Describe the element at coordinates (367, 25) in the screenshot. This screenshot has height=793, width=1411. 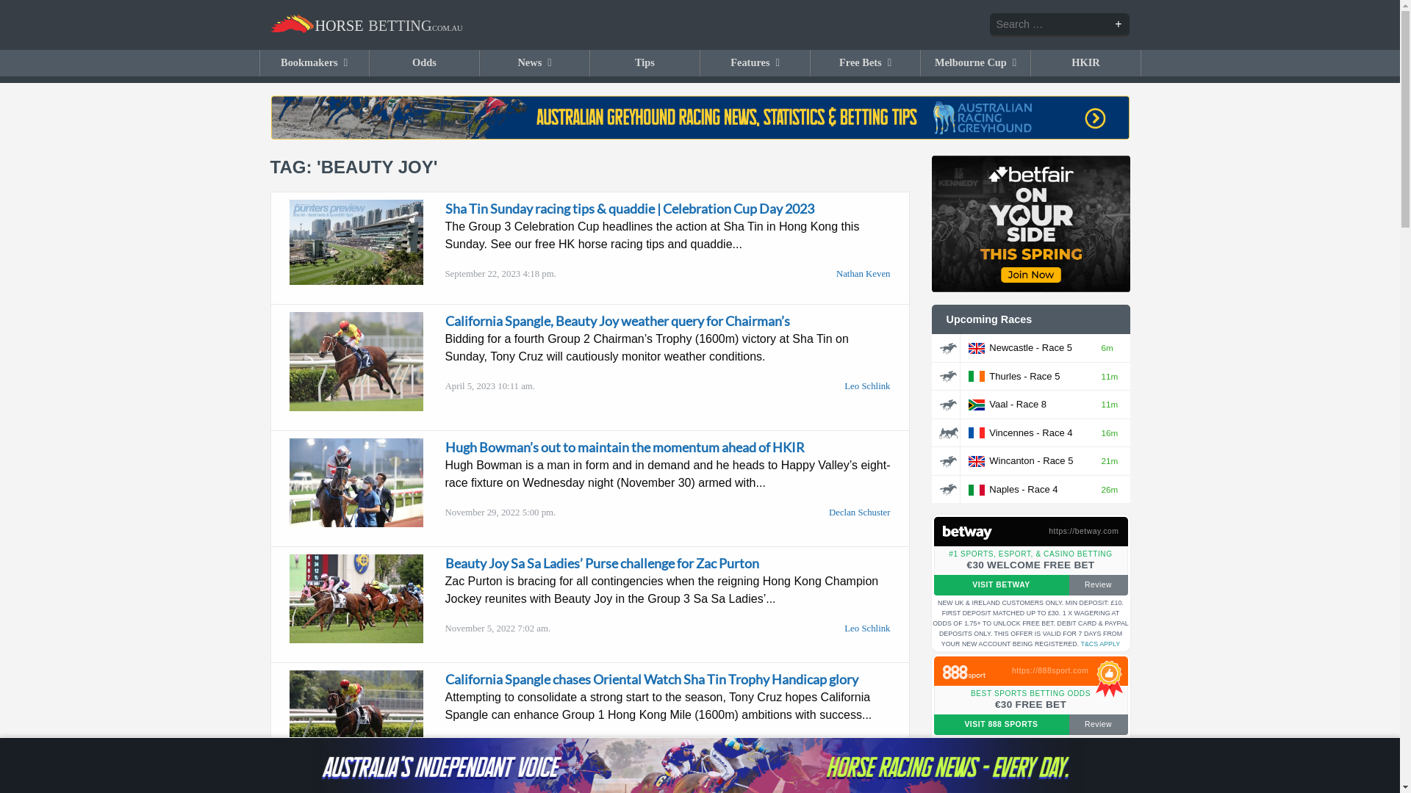
I see `'Horse Betting'` at that location.